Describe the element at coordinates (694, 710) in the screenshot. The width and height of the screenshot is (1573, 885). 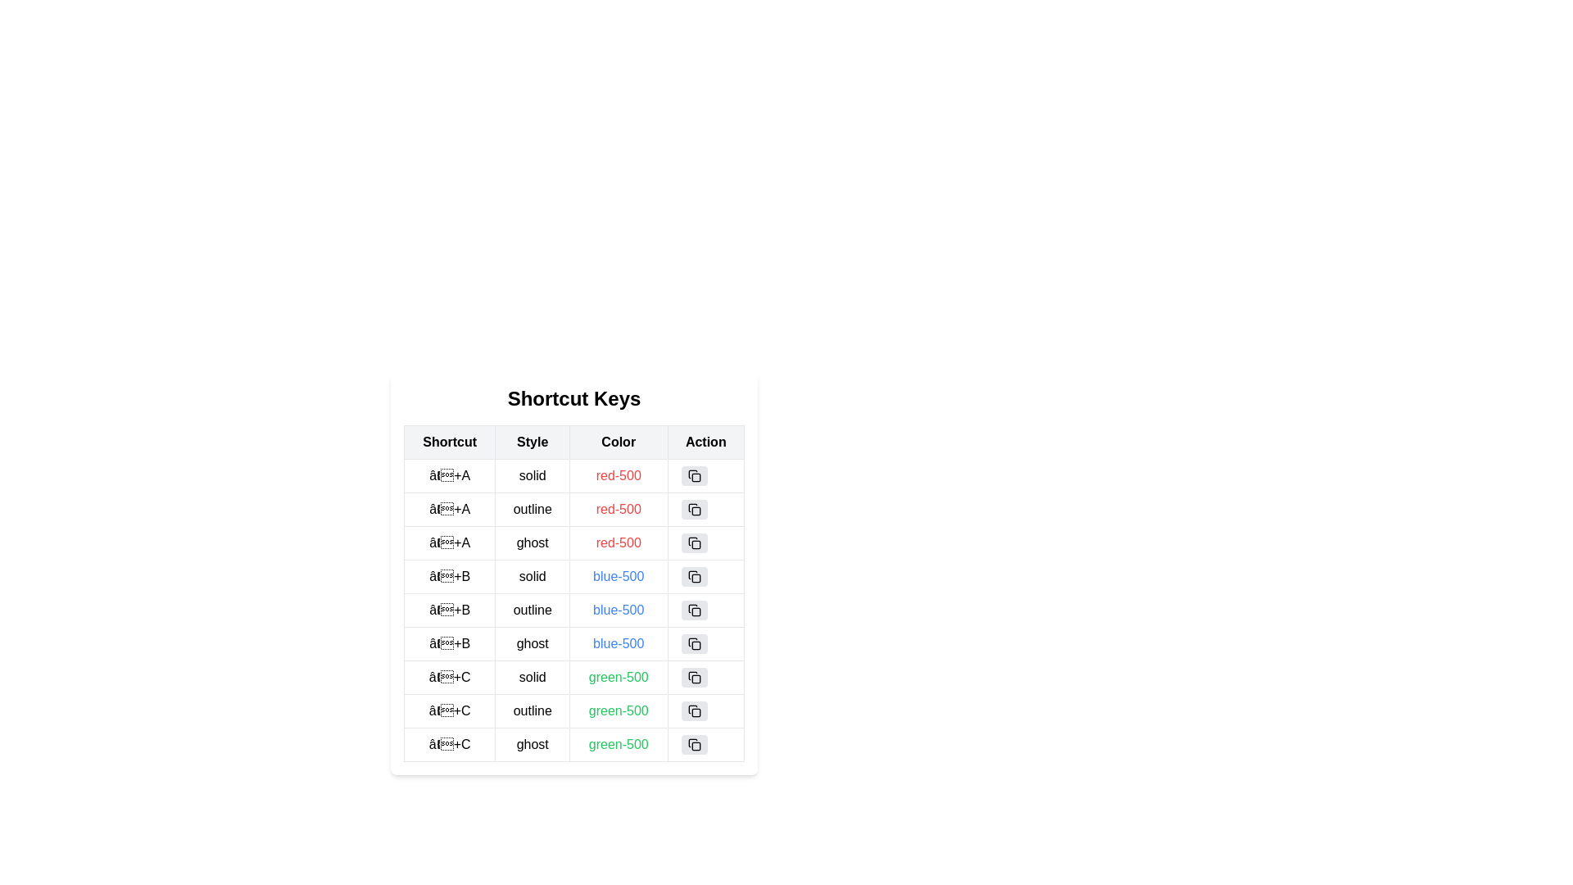
I see `the interactive icon resembling two overlapping squares in the last column of the table under the '⌘+C' row` at that location.